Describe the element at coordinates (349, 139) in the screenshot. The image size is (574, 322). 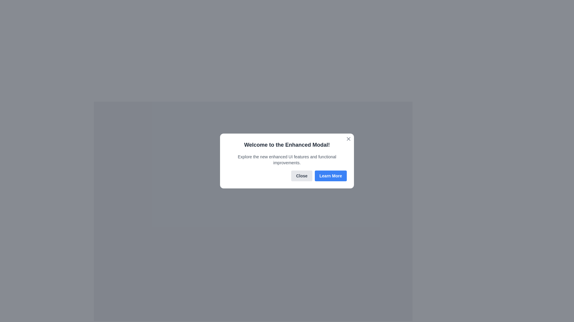
I see `the close button located in the top-right corner of the modal dialog` at that location.